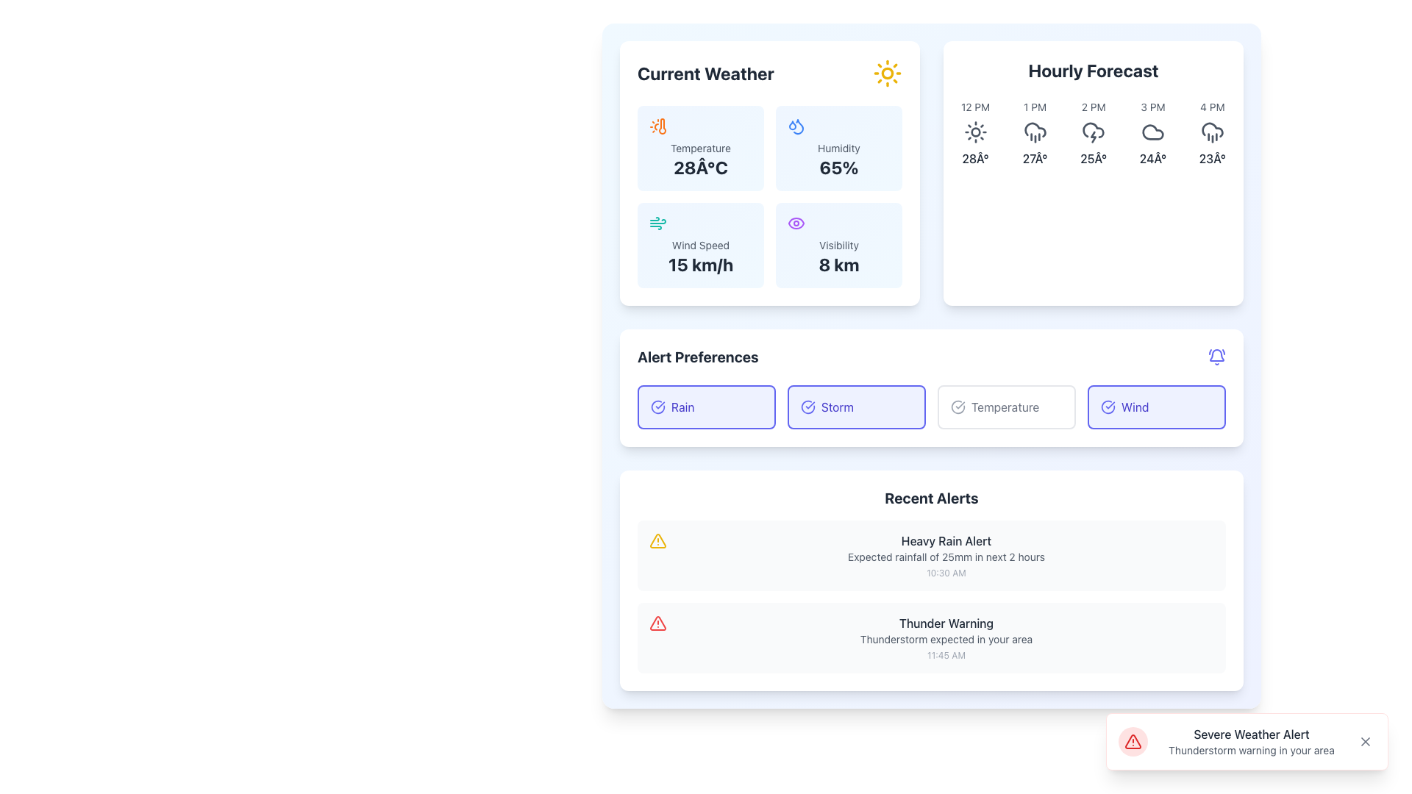 This screenshot has width=1412, height=794. What do you see at coordinates (1217, 355) in the screenshot?
I see `the curved line of the SVG bell icon located in the top-right corner of the 'Alert Preferences' card` at bounding box center [1217, 355].